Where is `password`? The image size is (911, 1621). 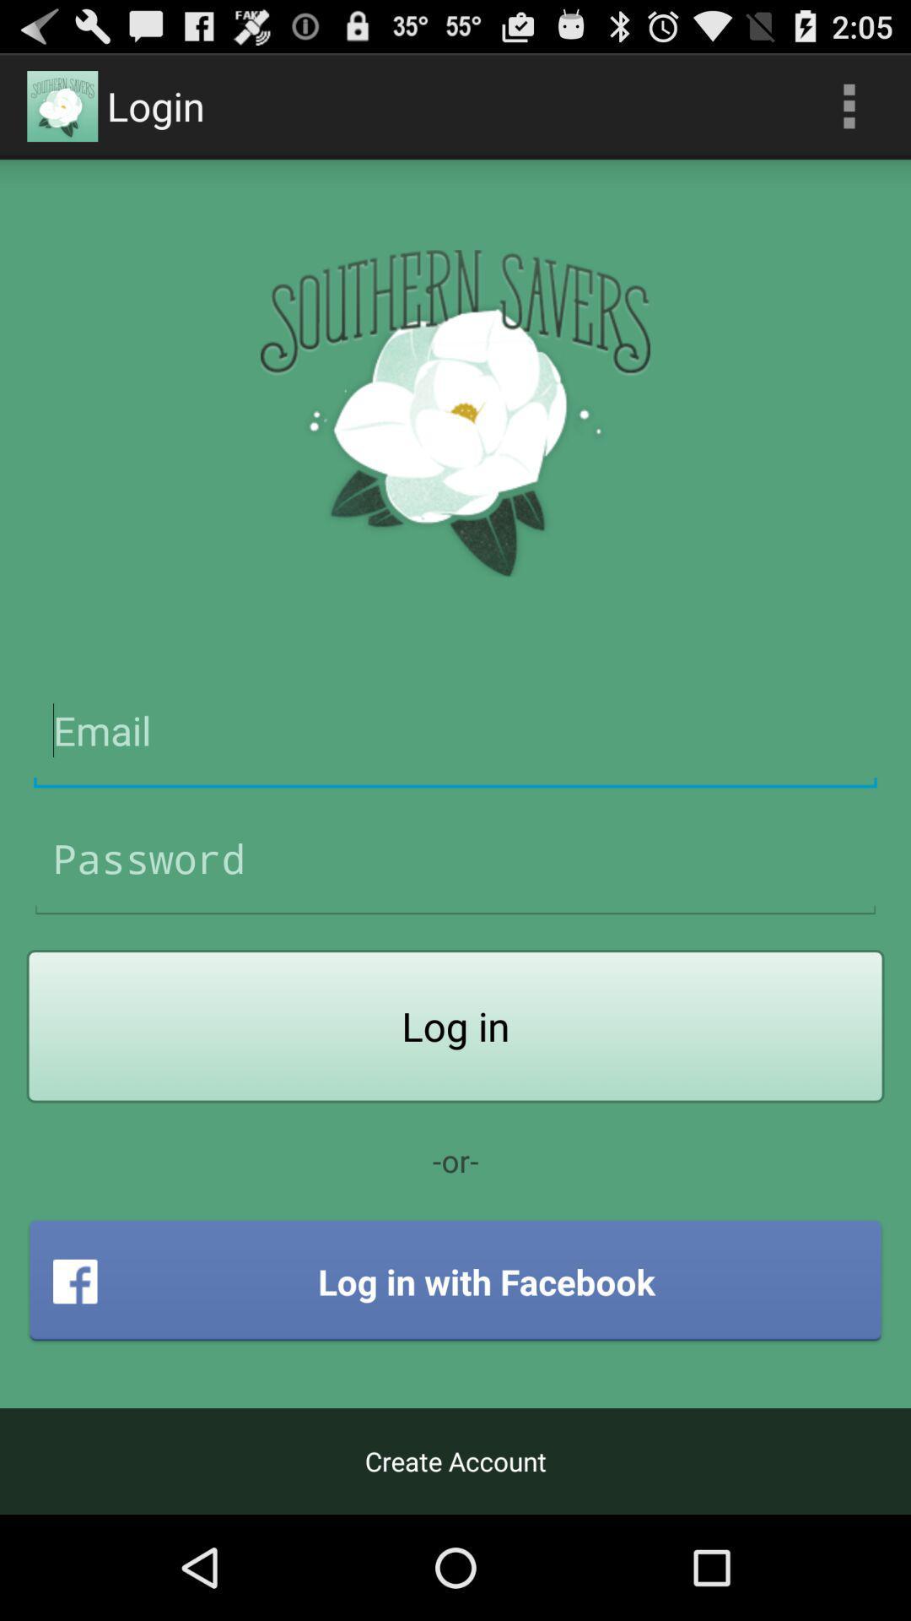
password is located at coordinates (455, 859).